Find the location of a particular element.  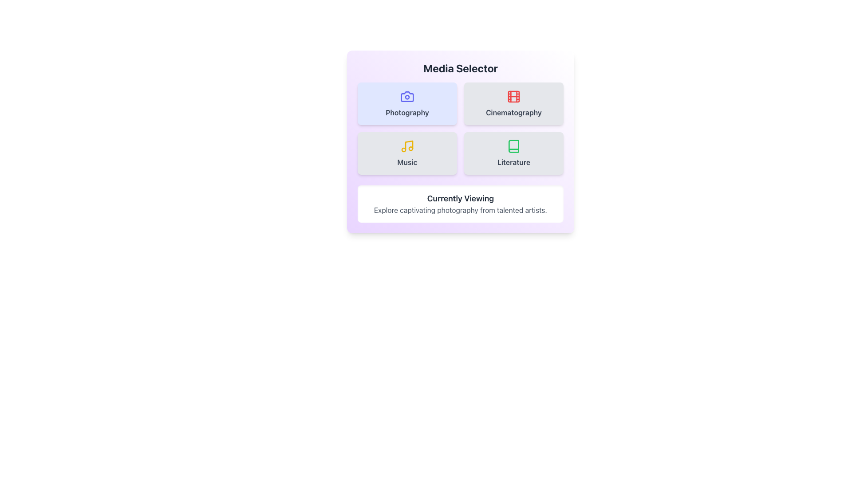

the 'Music' category icon located at the center of the 'Music' button in the lower-left section of the Media Selector interface is located at coordinates (408, 145).